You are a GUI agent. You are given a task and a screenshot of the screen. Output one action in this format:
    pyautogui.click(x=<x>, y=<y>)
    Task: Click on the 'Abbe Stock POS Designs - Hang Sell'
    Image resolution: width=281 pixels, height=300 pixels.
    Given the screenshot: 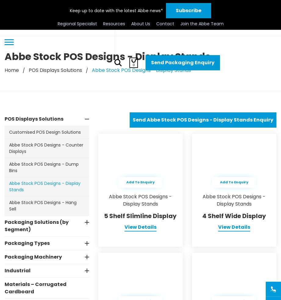 What is the action you would take?
    pyautogui.click(x=43, y=205)
    